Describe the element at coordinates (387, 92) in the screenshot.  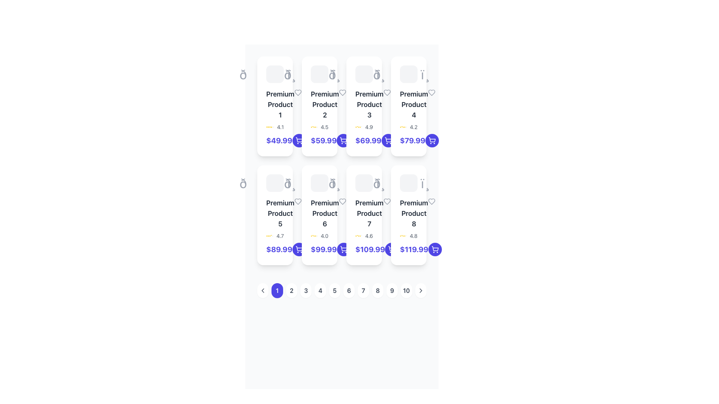
I see `the heart-shaped icon representing the favorite or wishlist feature located in the card of 'Premium Product 3'` at that location.